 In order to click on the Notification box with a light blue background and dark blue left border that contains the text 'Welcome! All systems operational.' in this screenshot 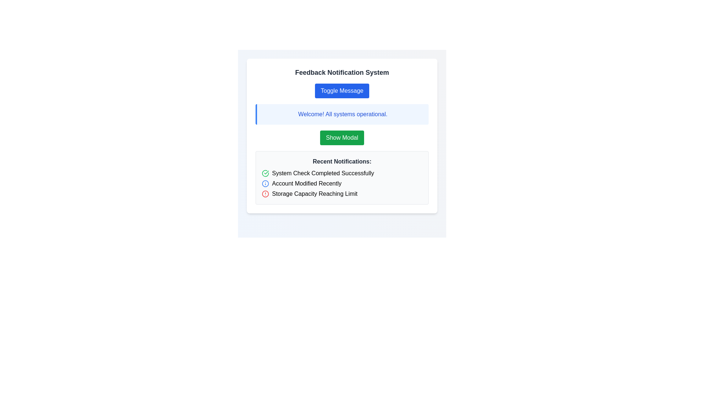, I will do `click(341, 114)`.